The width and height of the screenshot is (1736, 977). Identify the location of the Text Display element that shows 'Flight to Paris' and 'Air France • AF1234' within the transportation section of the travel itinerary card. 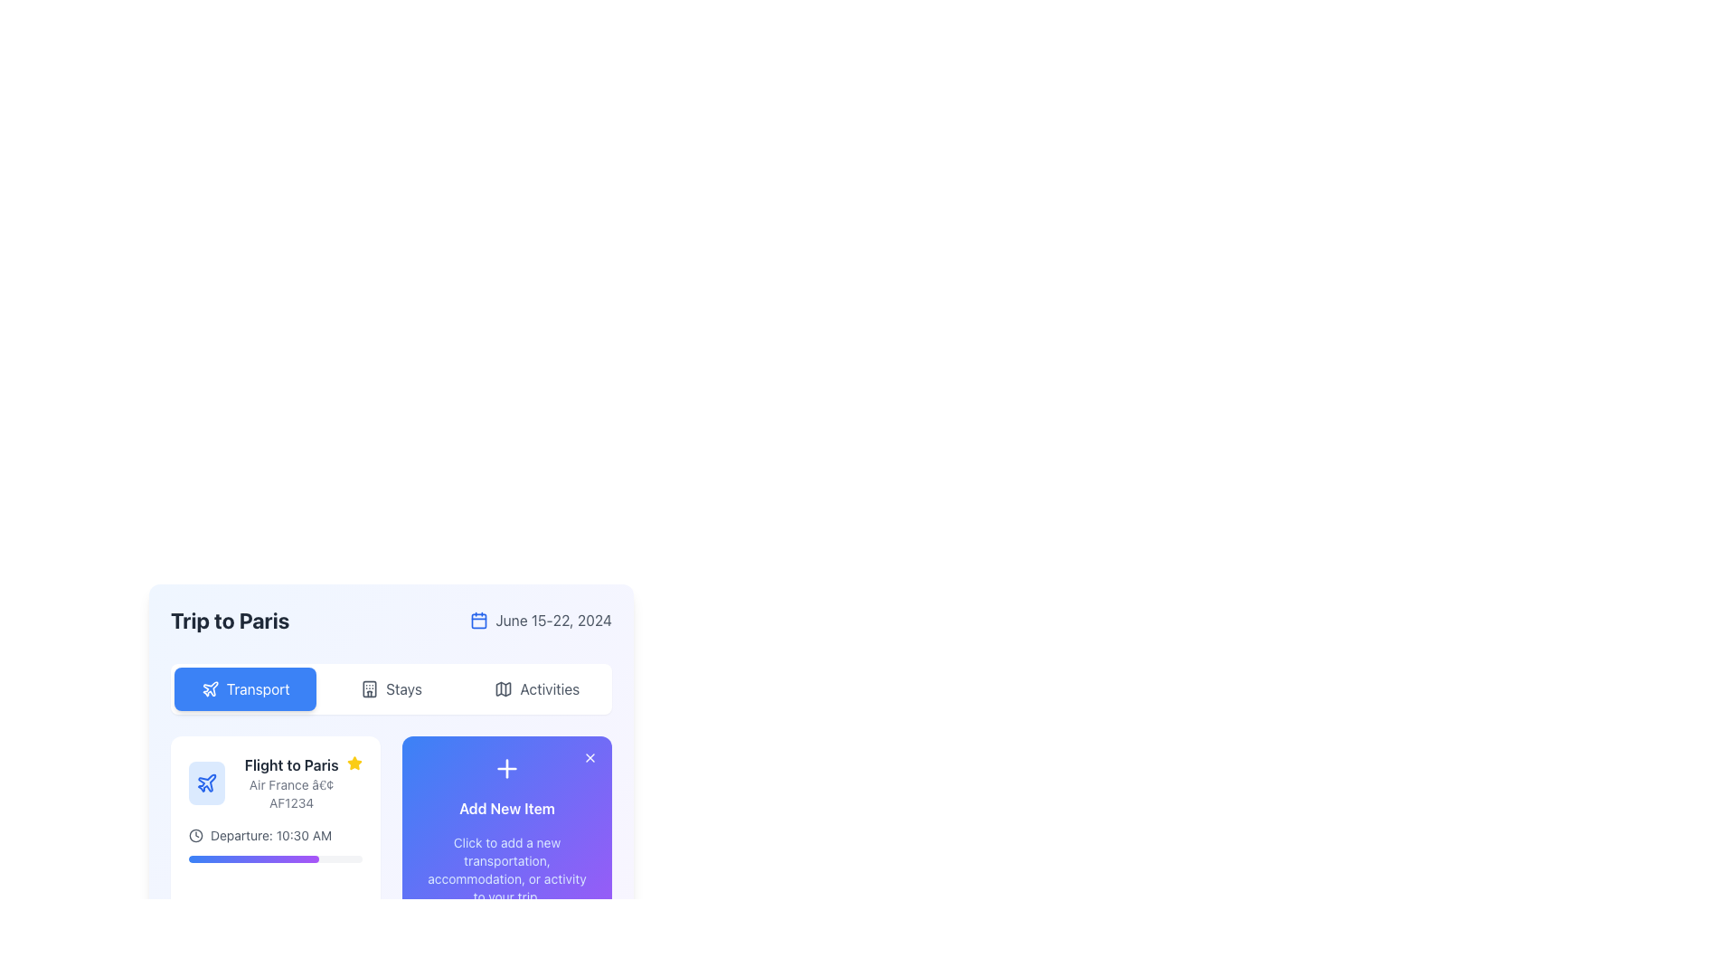
(291, 783).